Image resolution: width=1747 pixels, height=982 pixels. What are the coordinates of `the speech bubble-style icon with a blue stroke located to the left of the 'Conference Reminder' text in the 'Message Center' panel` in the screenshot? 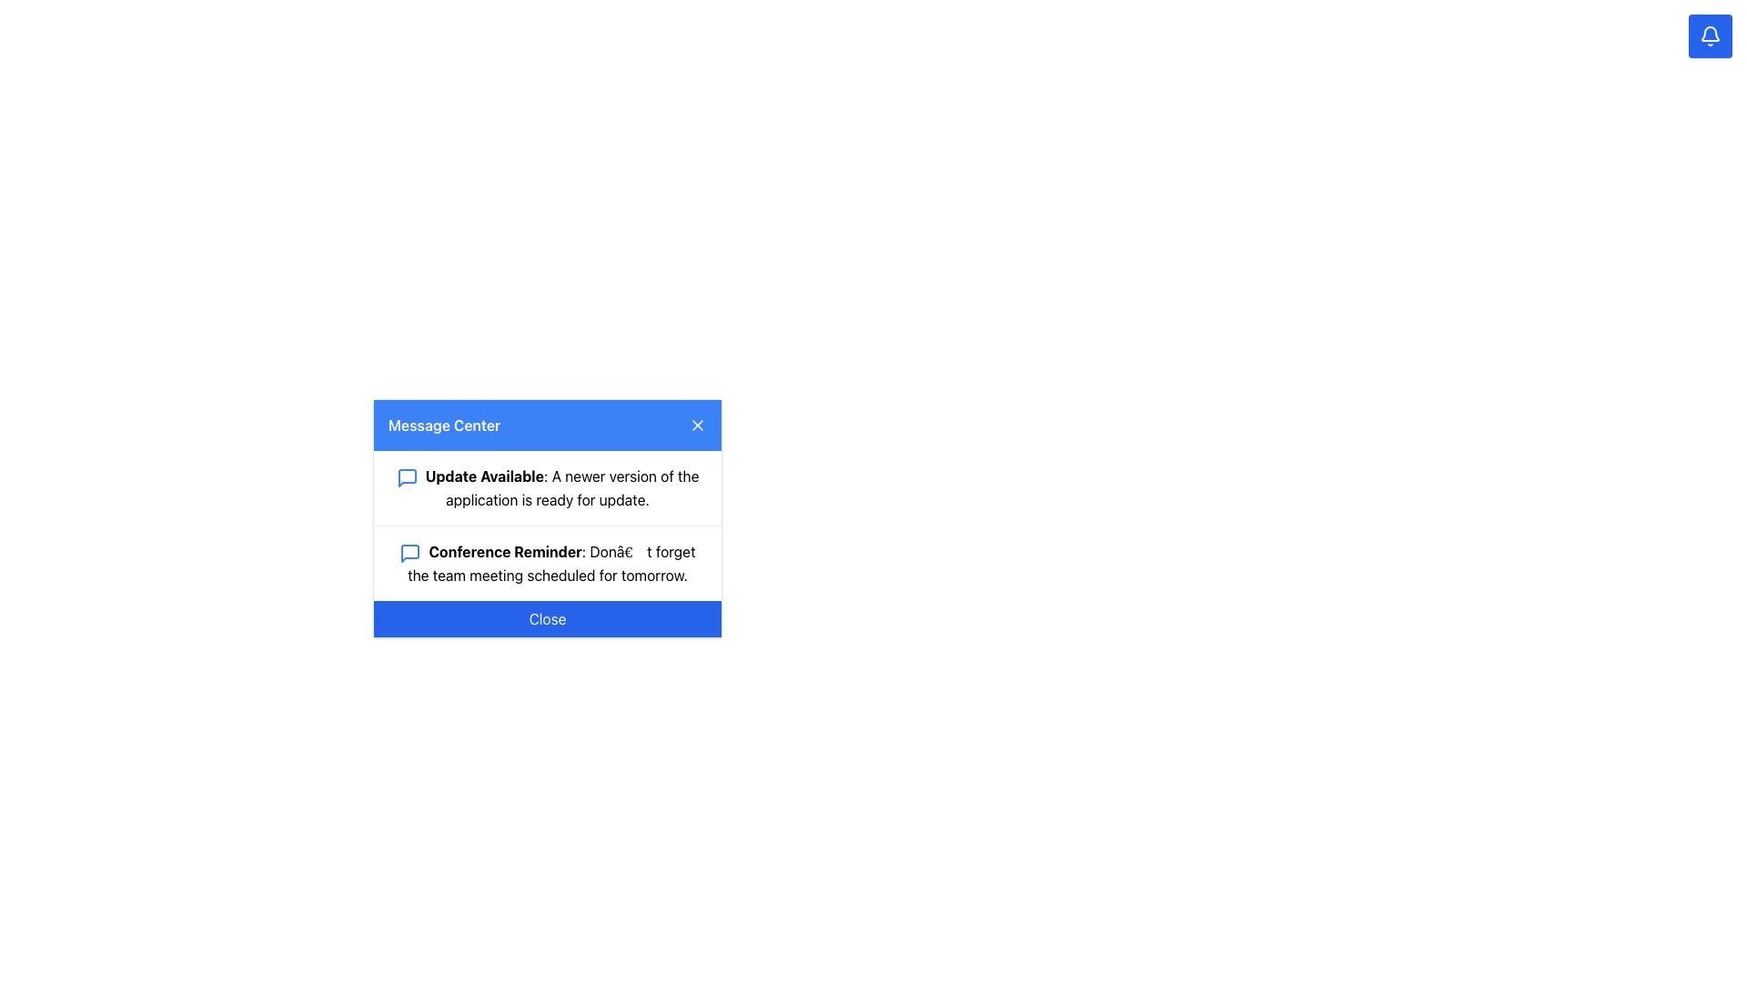 It's located at (406, 476).